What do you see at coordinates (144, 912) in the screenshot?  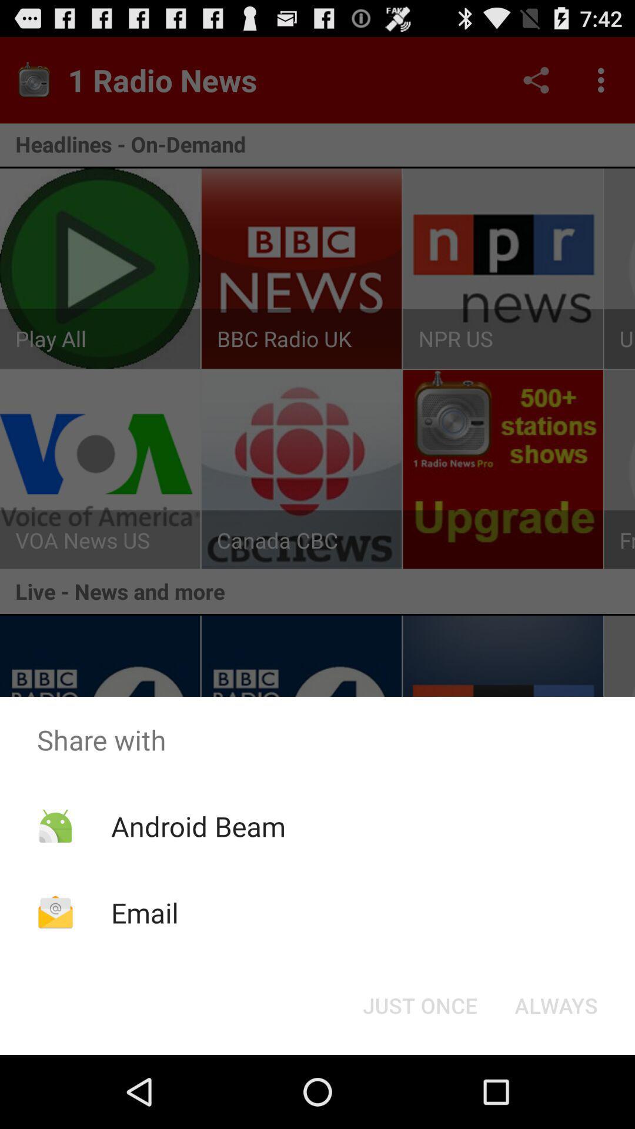 I see `the email icon` at bounding box center [144, 912].